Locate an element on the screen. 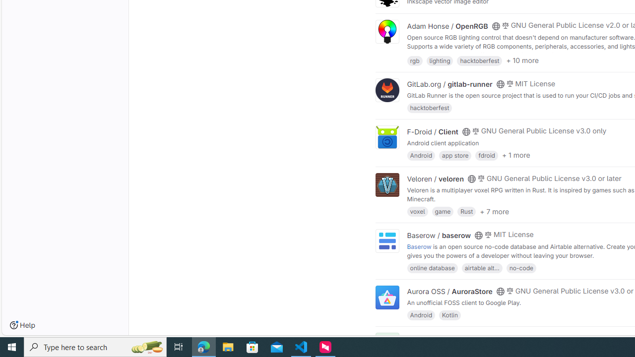 The image size is (635, 357). 'lighting' is located at coordinates (439, 60).